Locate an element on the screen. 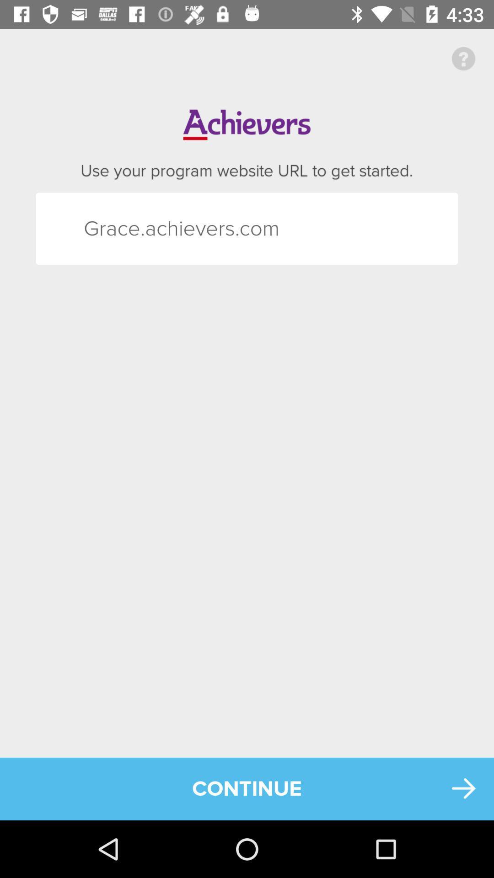 The height and width of the screenshot is (878, 494). the continue is located at coordinates (247, 788).